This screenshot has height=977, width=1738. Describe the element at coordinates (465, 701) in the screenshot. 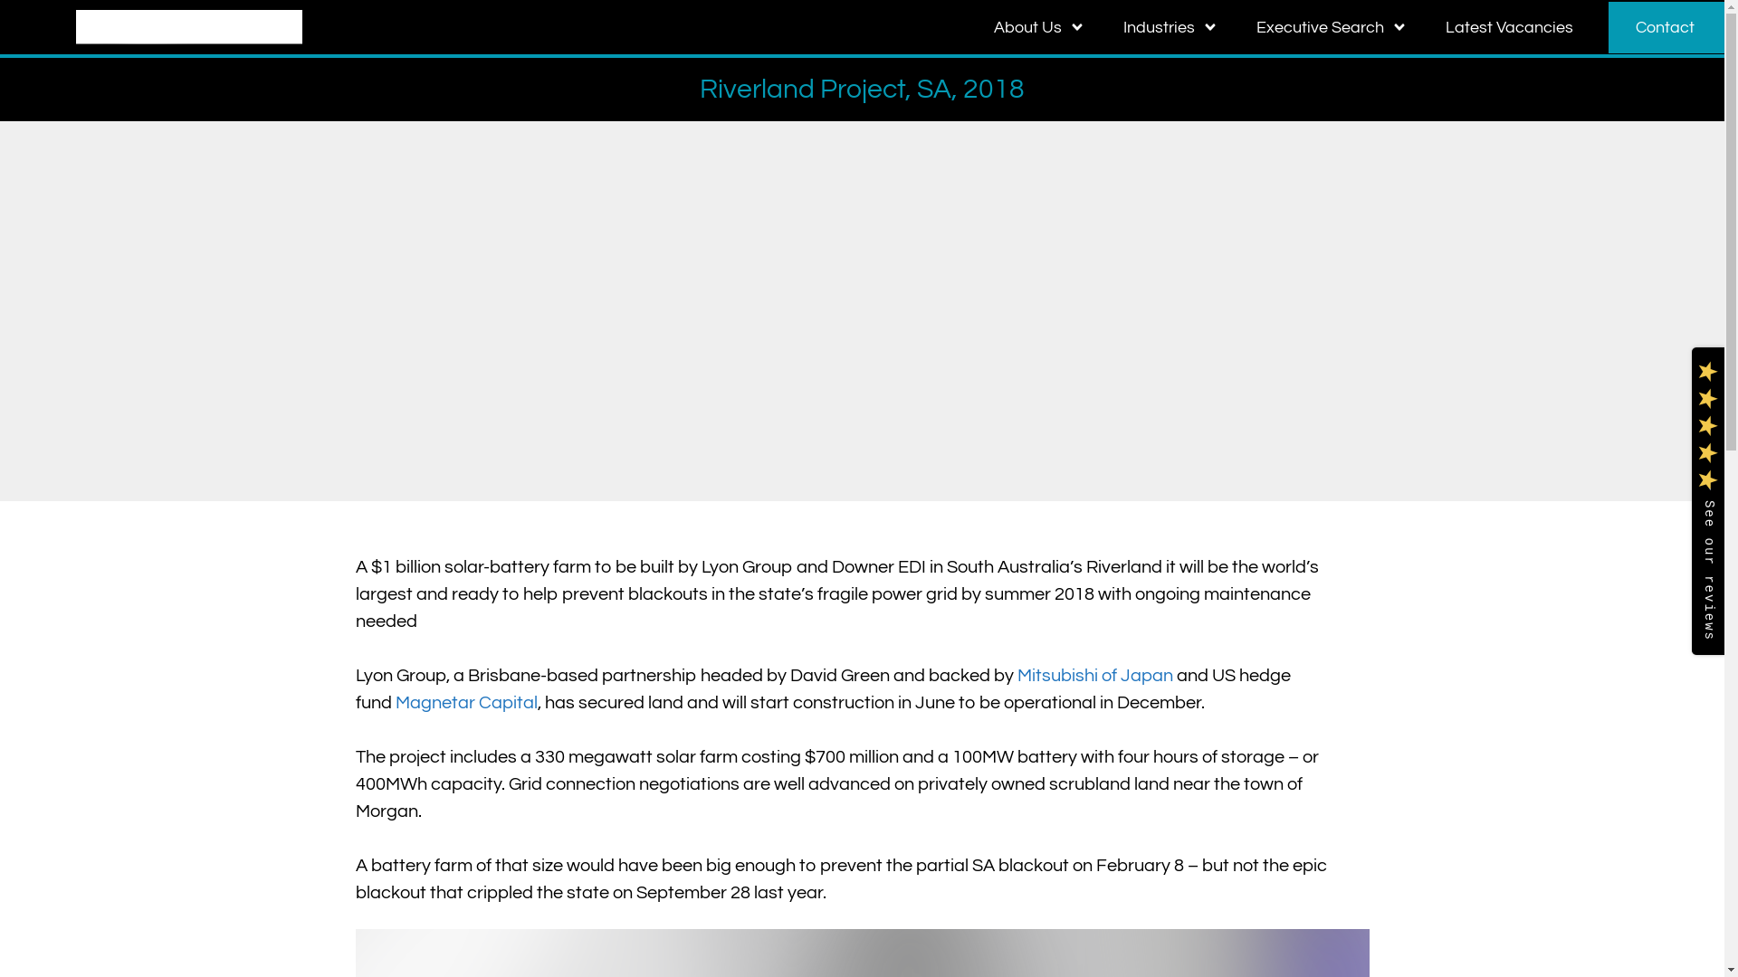

I see `'Magnetar Capital'` at that location.